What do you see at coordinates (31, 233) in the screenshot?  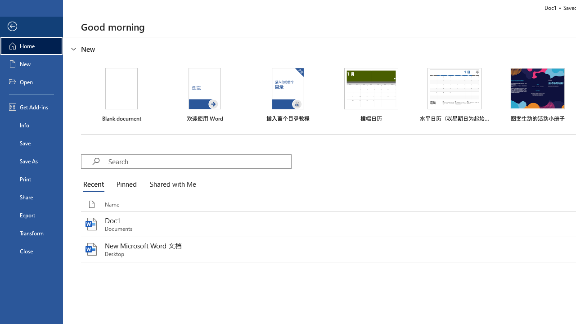 I see `'Transform'` at bounding box center [31, 233].